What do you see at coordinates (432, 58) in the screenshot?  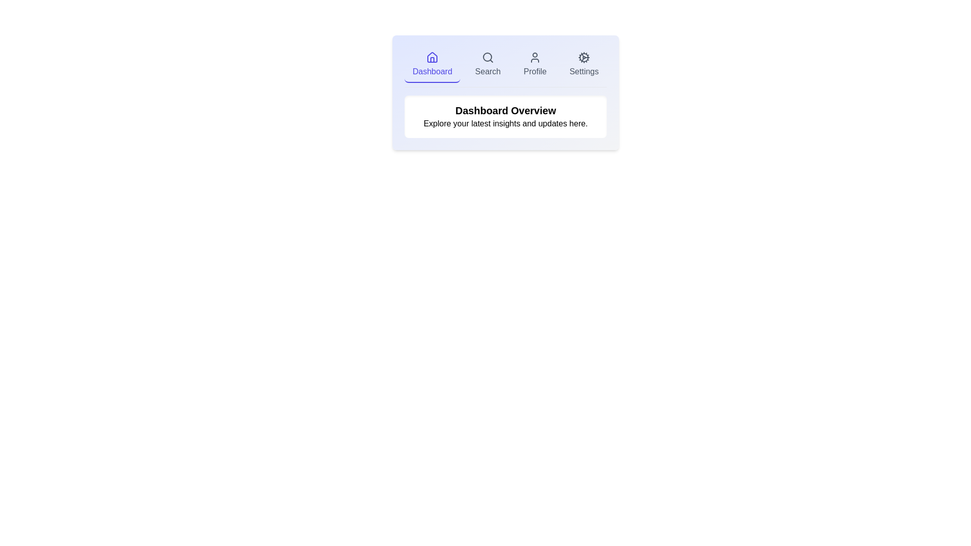 I see `the house-shaped icon with a thin outline located at the top-left corner of the 'Dashboard' navigation group` at bounding box center [432, 58].